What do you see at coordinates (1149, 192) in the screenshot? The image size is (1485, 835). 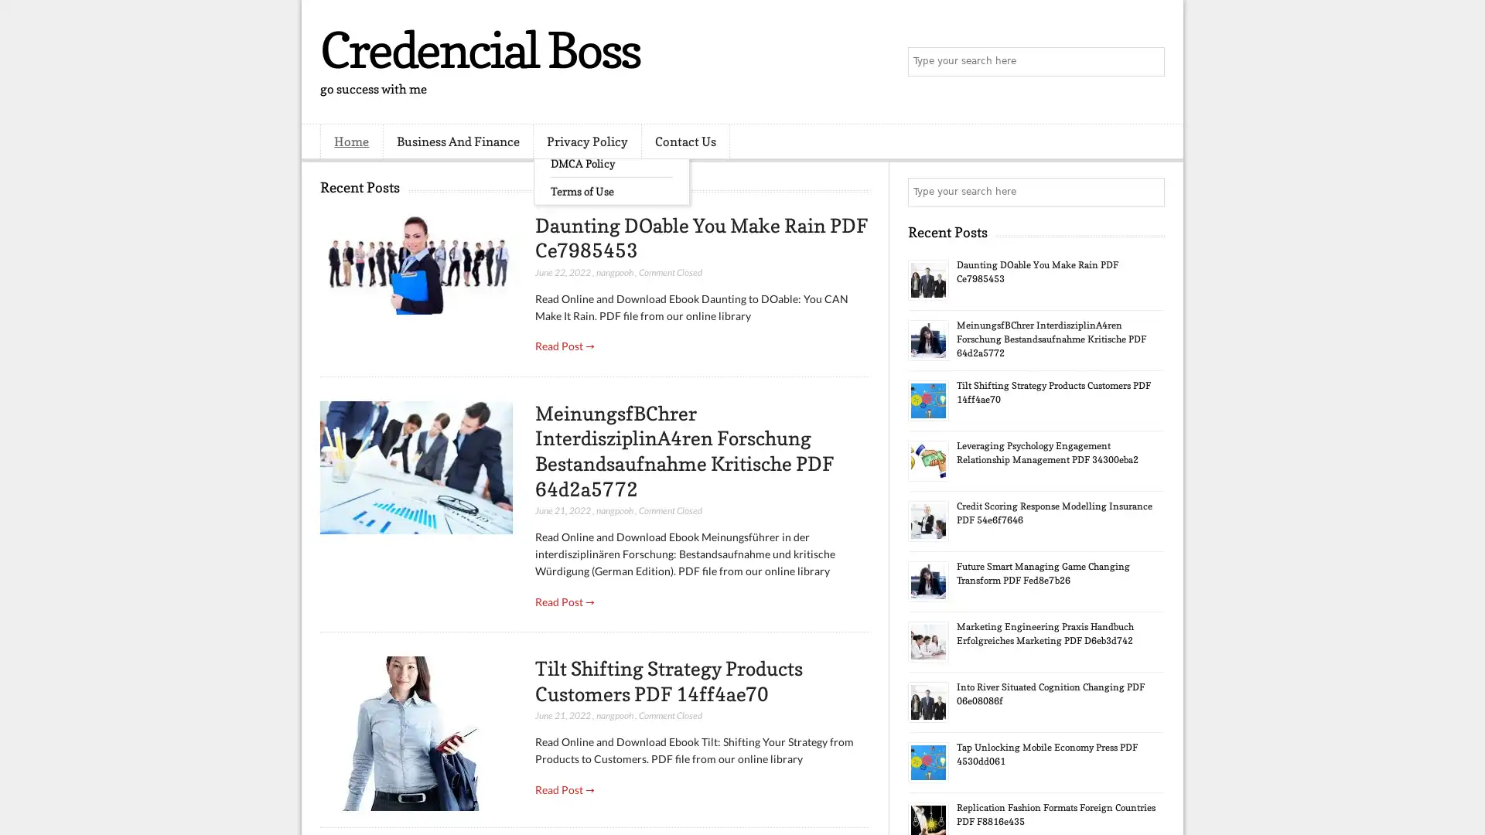 I see `Search` at bounding box center [1149, 192].